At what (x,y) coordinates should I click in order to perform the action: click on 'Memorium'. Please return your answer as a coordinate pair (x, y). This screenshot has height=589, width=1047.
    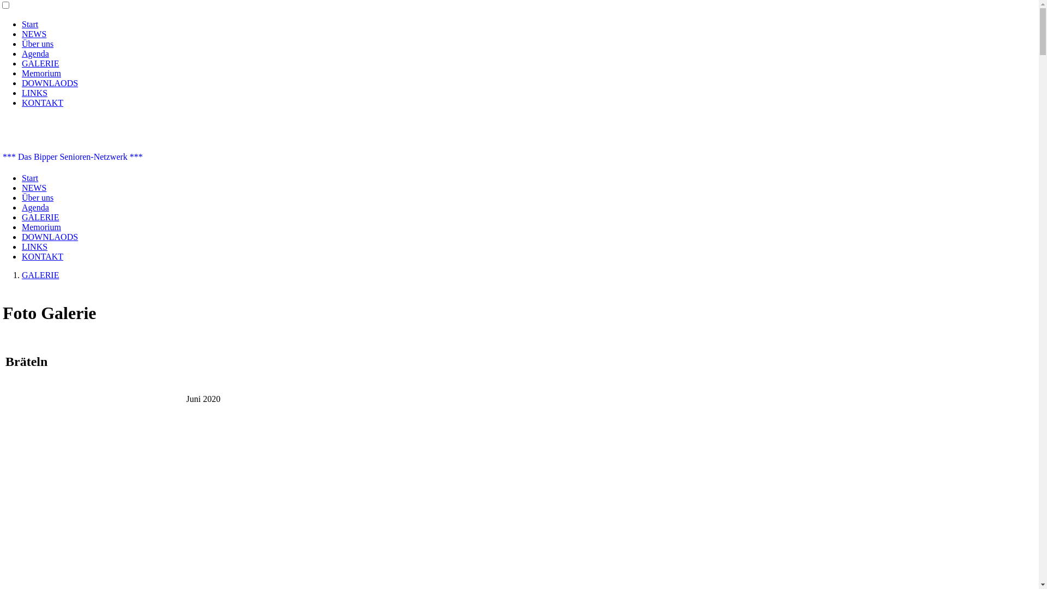
    Looking at the image, I should click on (41, 73).